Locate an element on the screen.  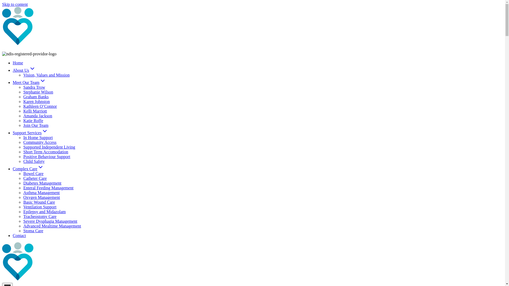
'Stephanie Wilson' is located at coordinates (38, 92).